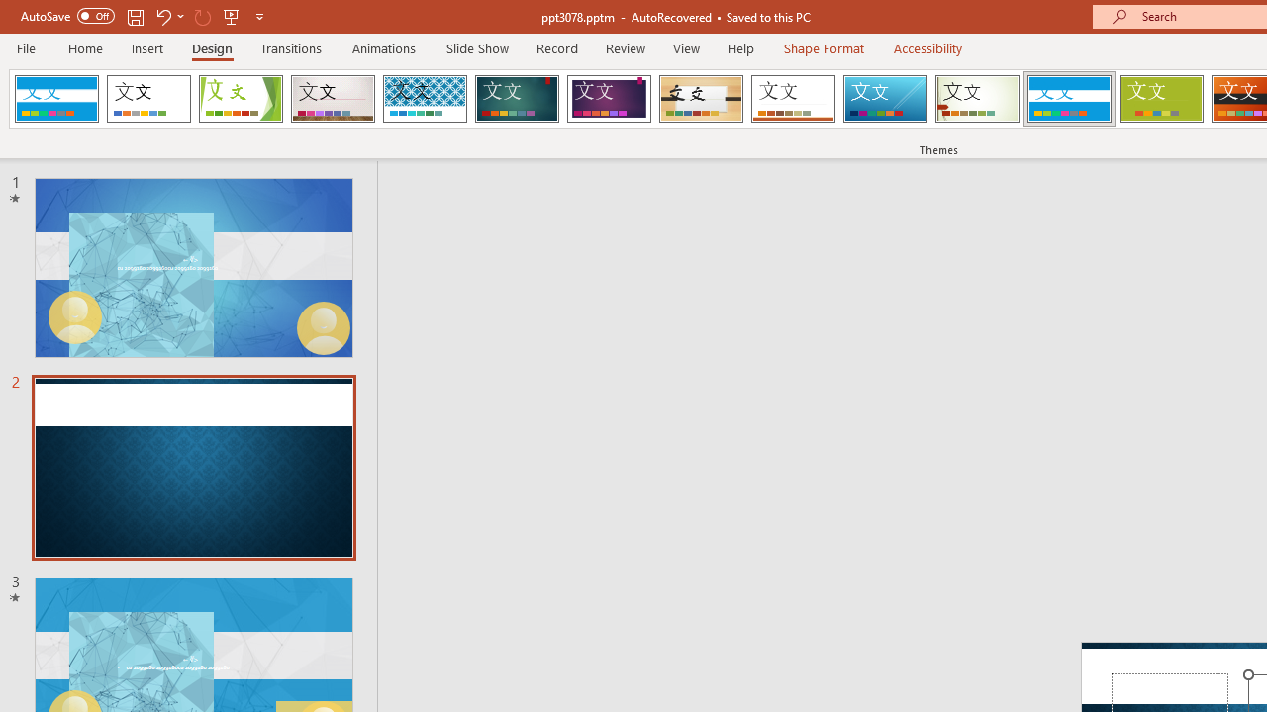 The width and height of the screenshot is (1267, 712). I want to click on 'Slice', so click(884, 99).